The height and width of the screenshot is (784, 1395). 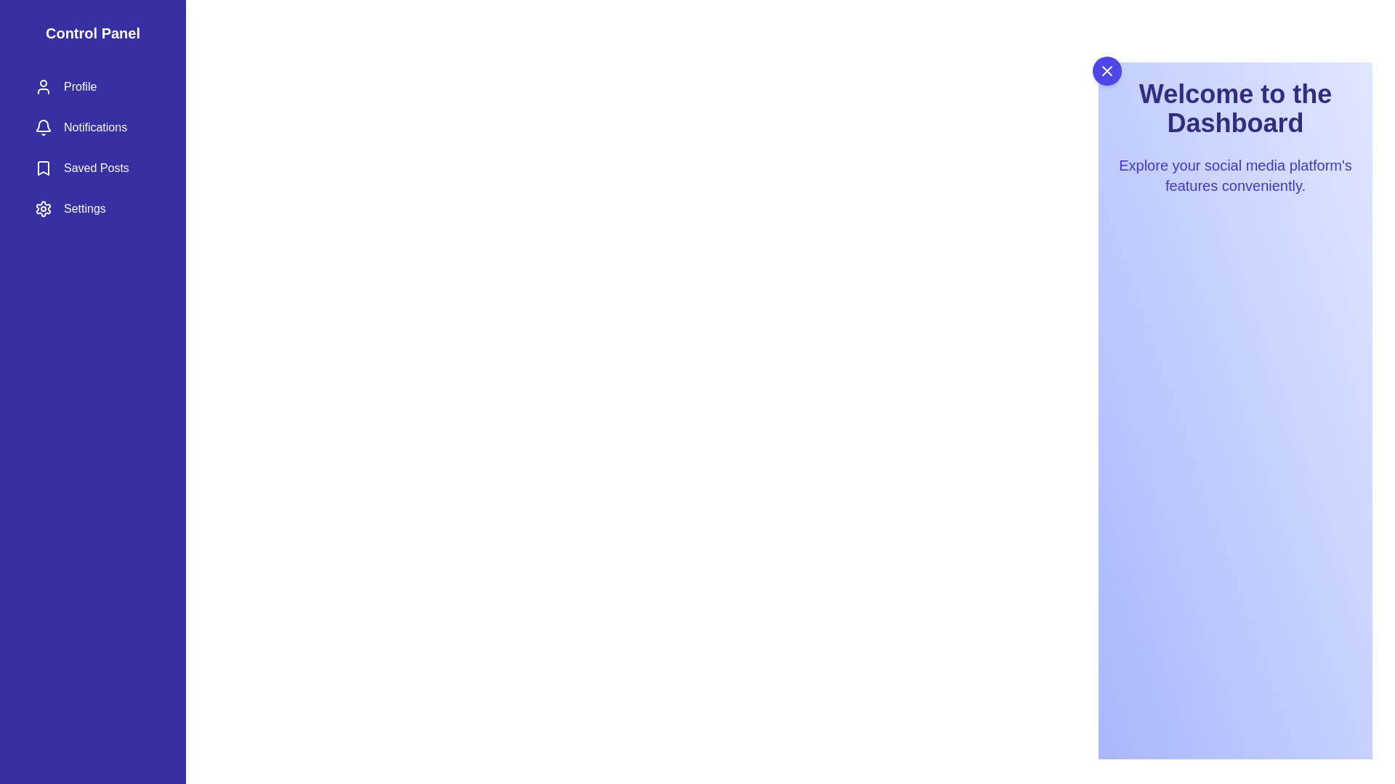 What do you see at coordinates (92, 86) in the screenshot?
I see `the side drawer item Profile to observe visual feedback` at bounding box center [92, 86].